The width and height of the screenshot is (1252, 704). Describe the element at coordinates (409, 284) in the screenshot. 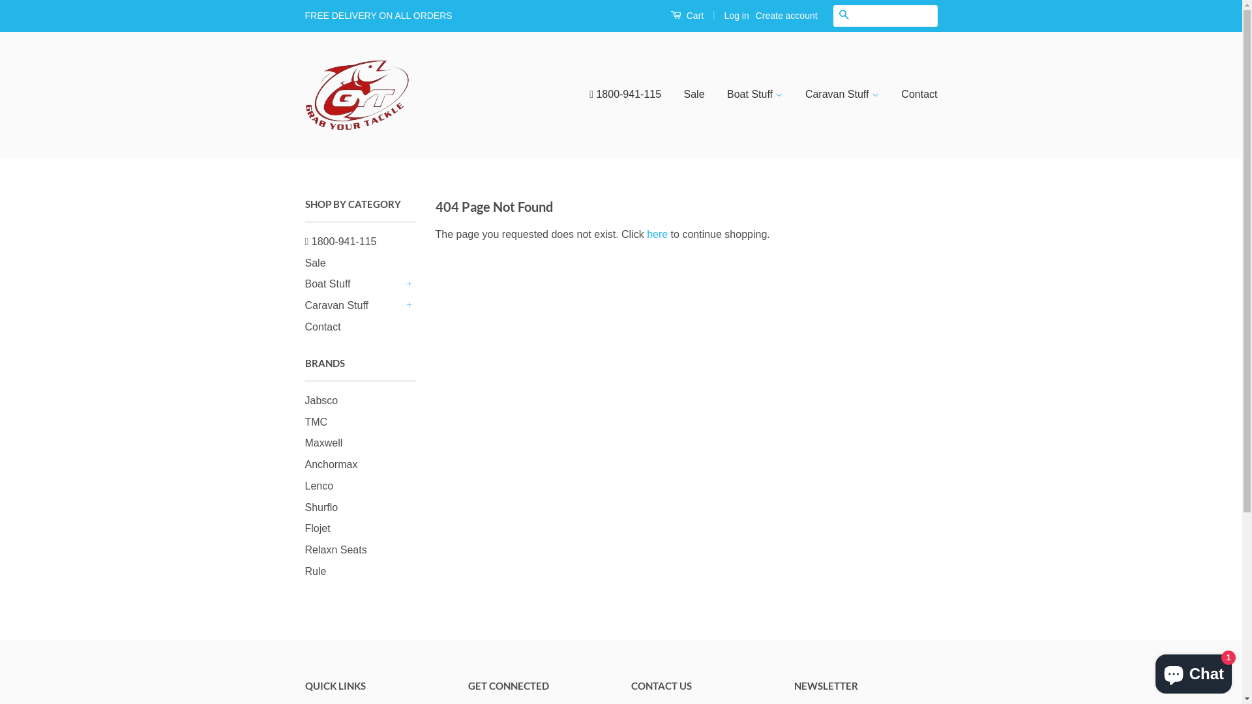

I see `'+'` at that location.